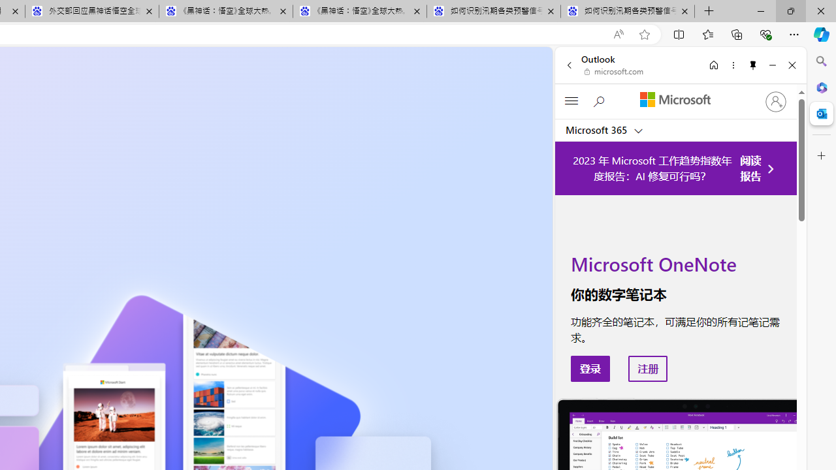 The image size is (836, 470). What do you see at coordinates (613, 72) in the screenshot?
I see `'microsoft.com'` at bounding box center [613, 72].